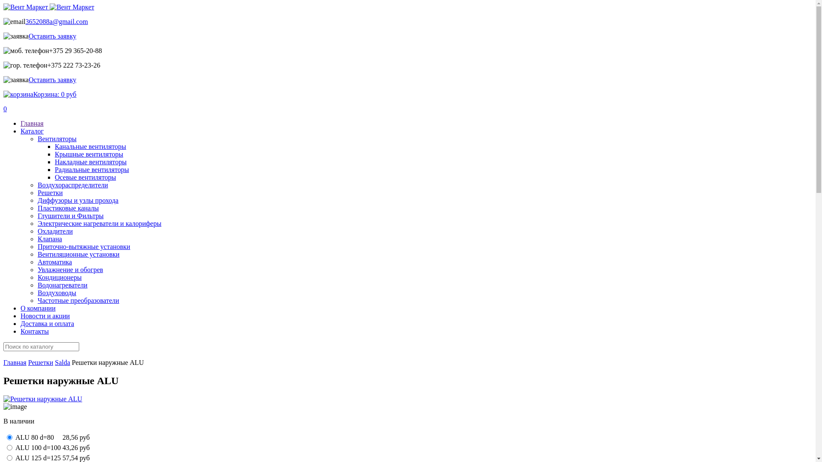  I want to click on '3652088a@gmail.com', so click(57, 21).